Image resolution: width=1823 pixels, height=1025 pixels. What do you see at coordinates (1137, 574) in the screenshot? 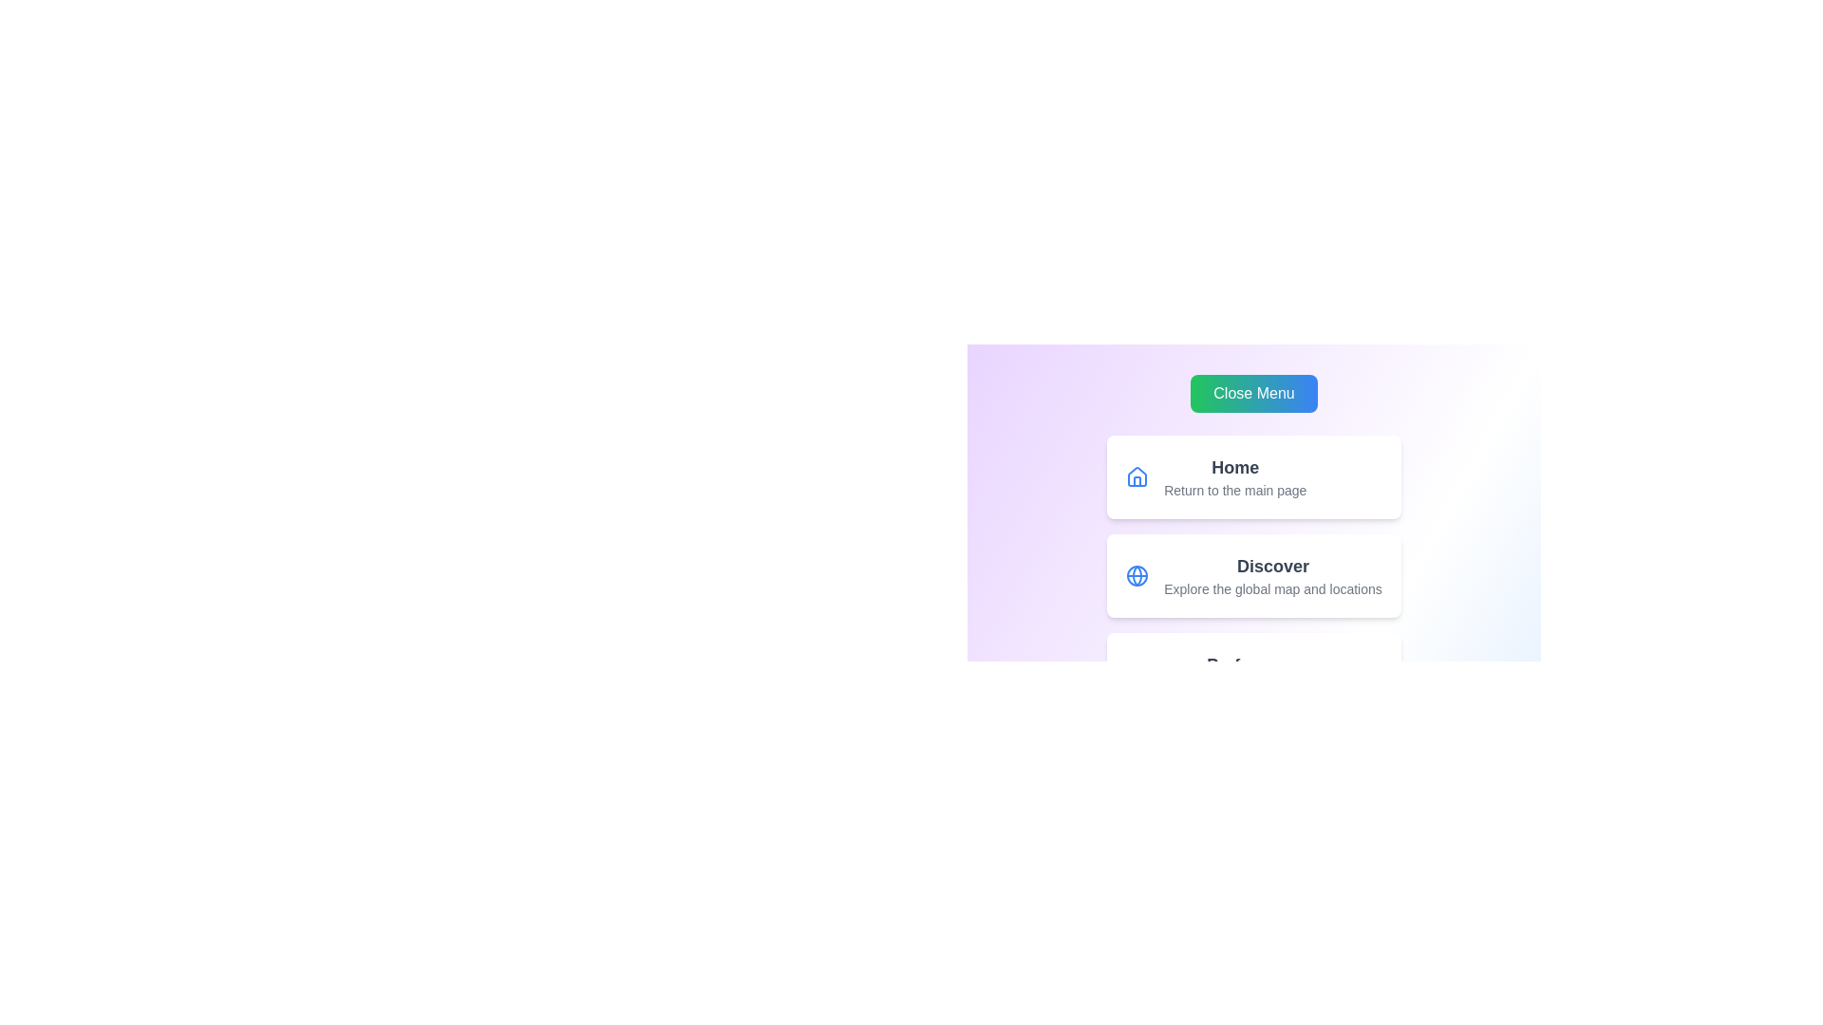
I see `the icon of the menu item labeled Discover` at bounding box center [1137, 574].